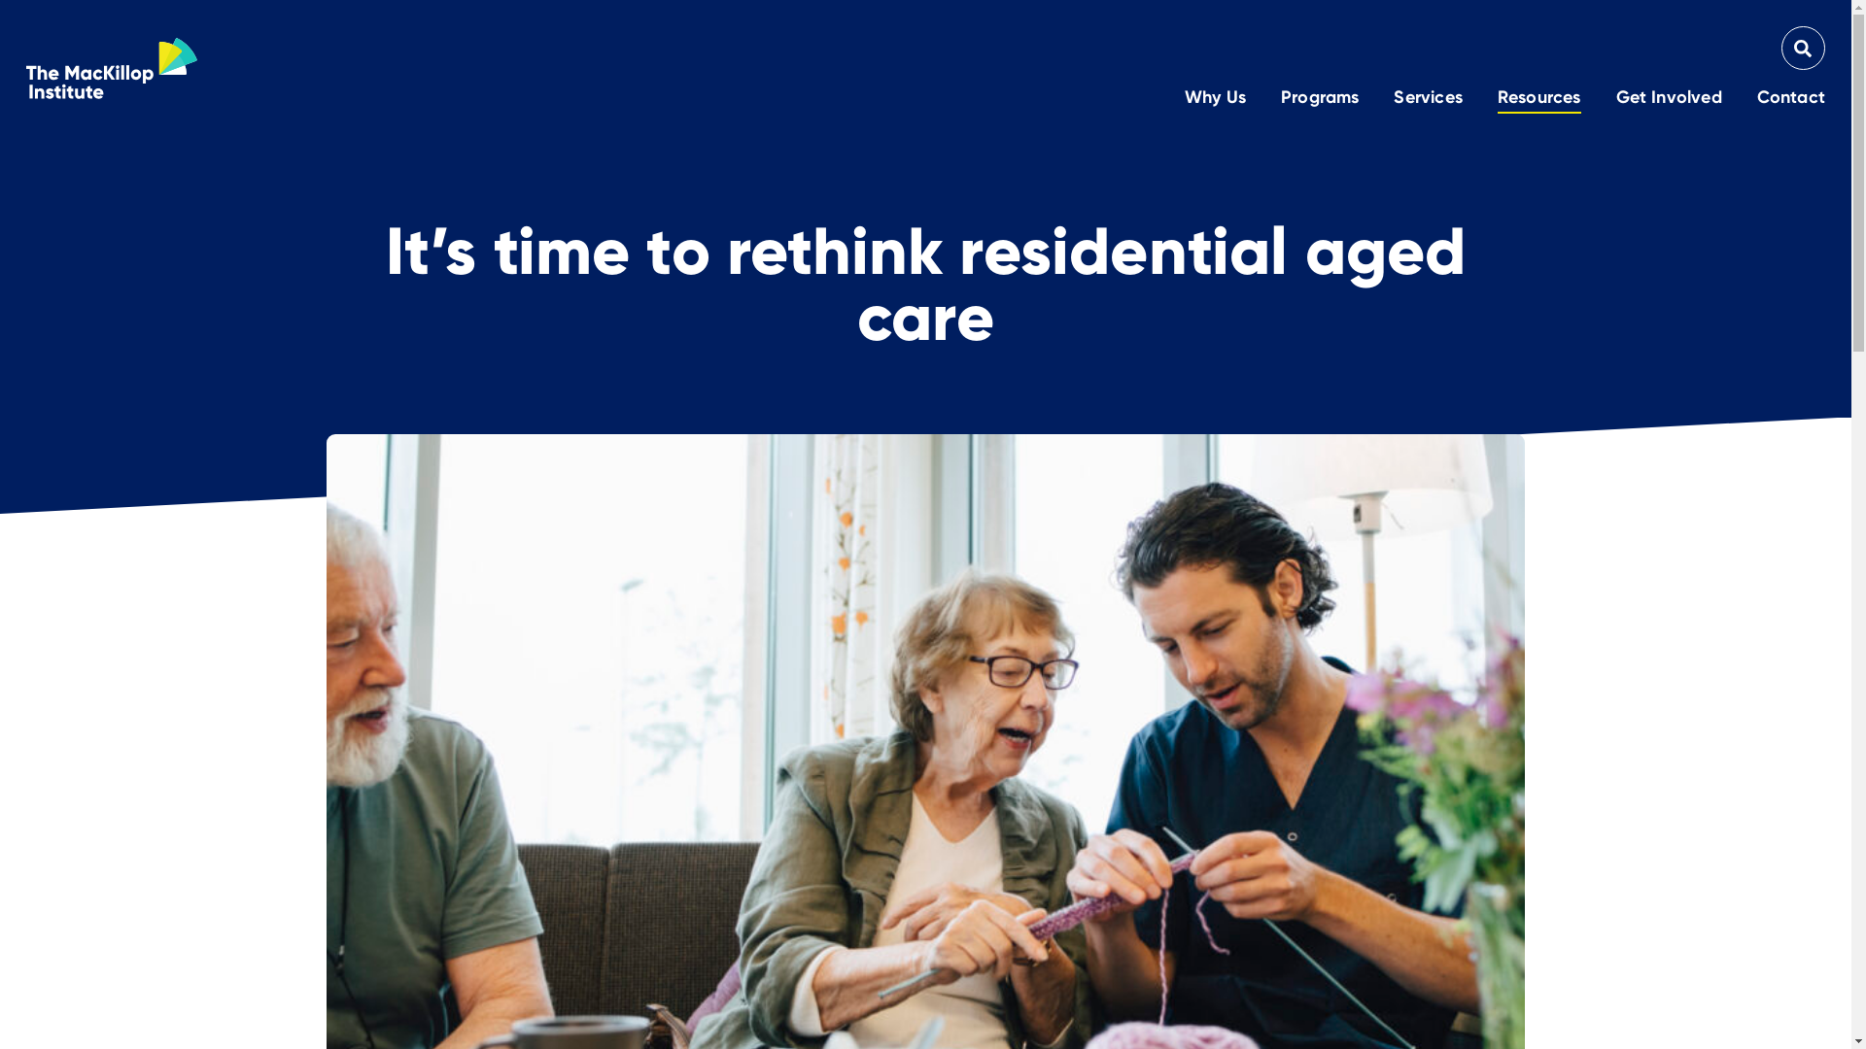  I want to click on 'Services', so click(1427, 98).